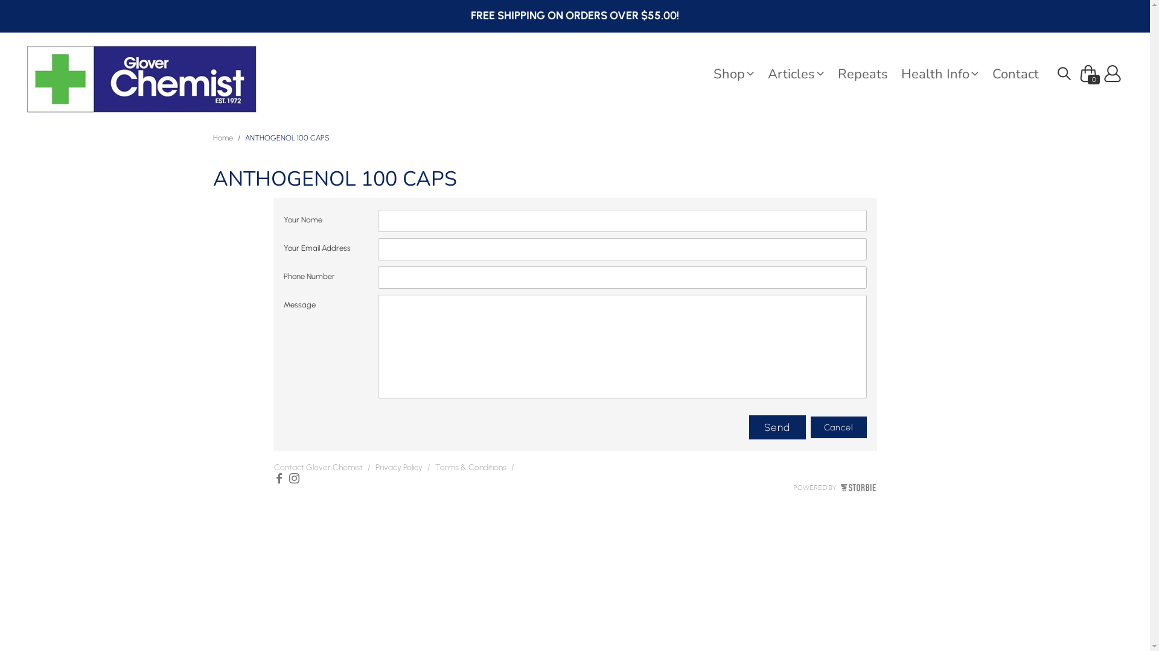 This screenshot has width=1159, height=651. I want to click on 'Home', so click(222, 137).